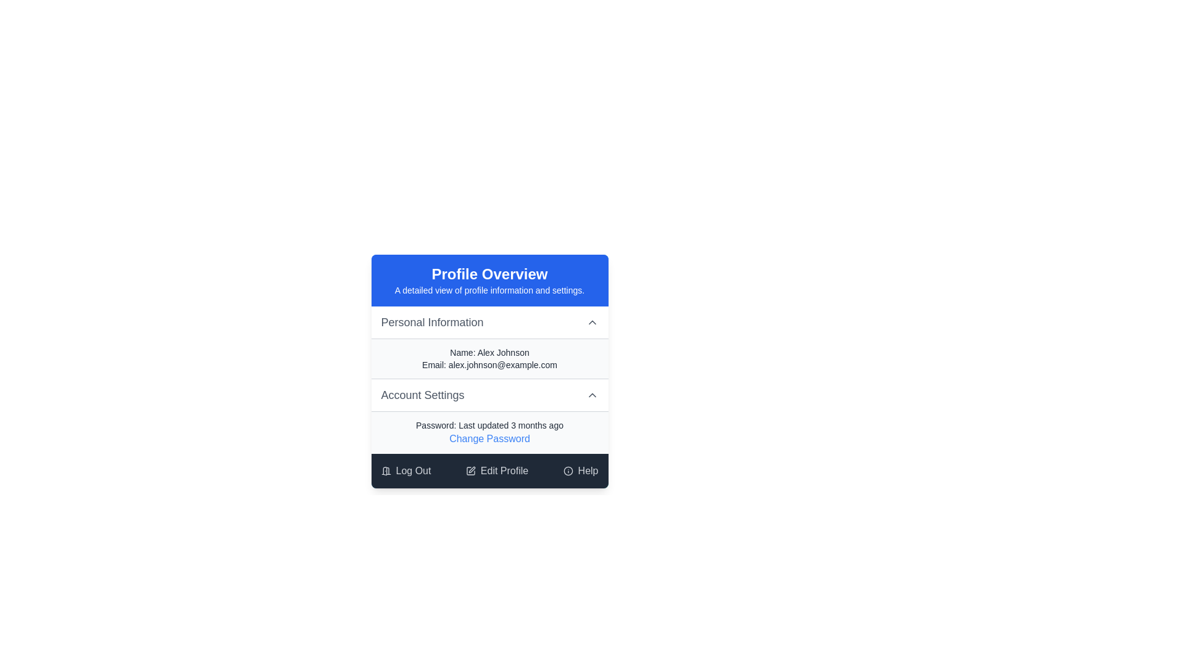 The height and width of the screenshot is (666, 1185). Describe the element at coordinates (384, 471) in the screenshot. I see `the 'open door' vector graphic element located centrally inside the 'Log Out' button at the bottom left of the UI card` at that location.